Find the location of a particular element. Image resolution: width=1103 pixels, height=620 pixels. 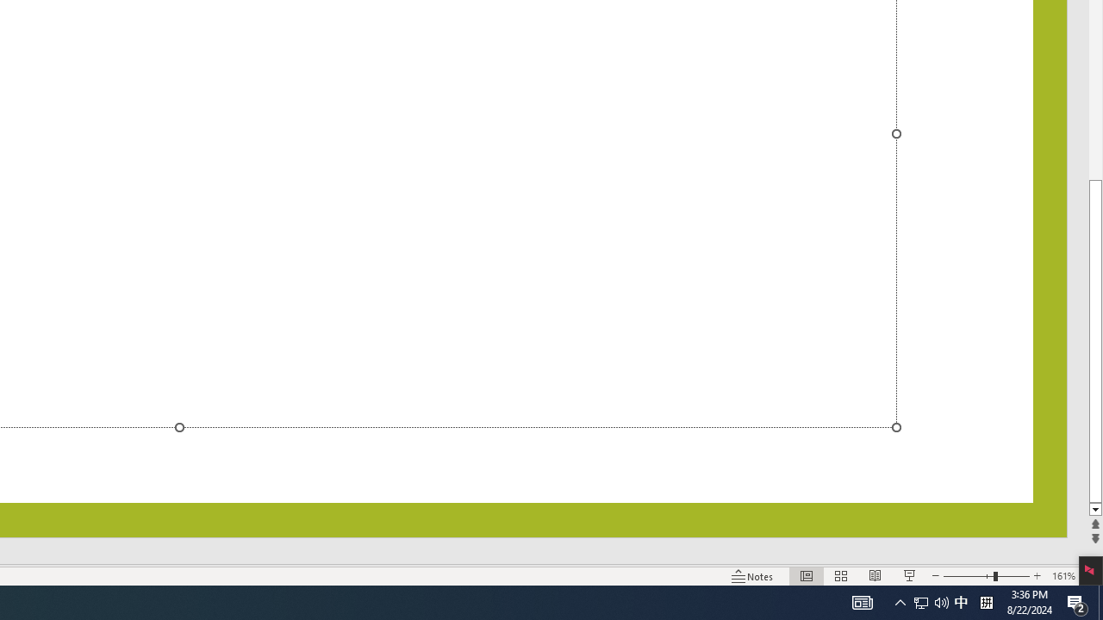

'Zoom to Fit ' is located at coordinates (1091, 576).